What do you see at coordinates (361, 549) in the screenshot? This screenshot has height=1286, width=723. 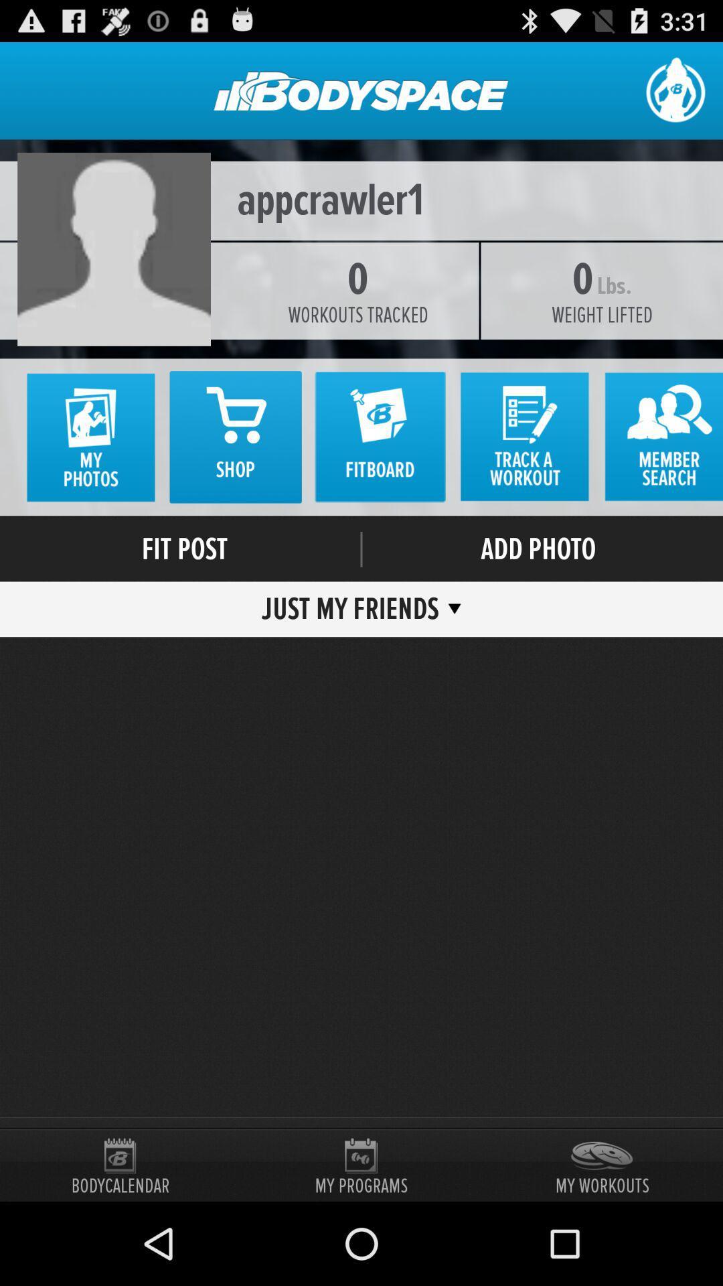 I see `the icon to the right of fit post` at bounding box center [361, 549].